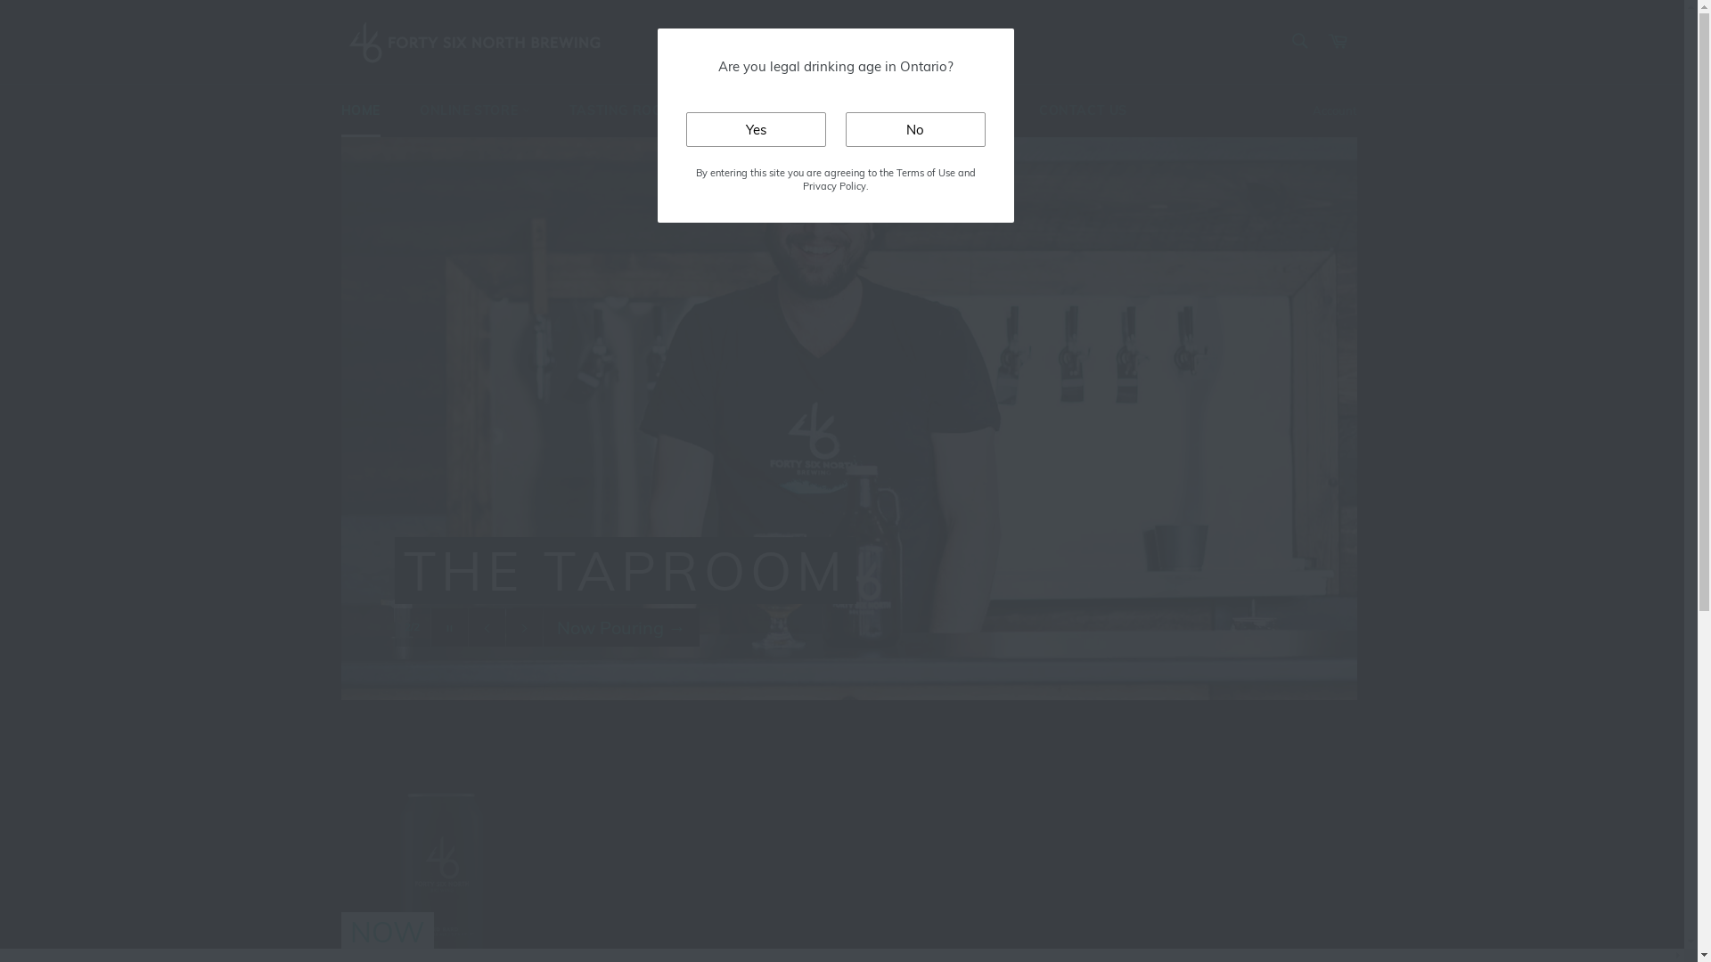 Image resolution: width=1711 pixels, height=962 pixels. Describe the element at coordinates (523, 627) in the screenshot. I see `'Next slide'` at that location.